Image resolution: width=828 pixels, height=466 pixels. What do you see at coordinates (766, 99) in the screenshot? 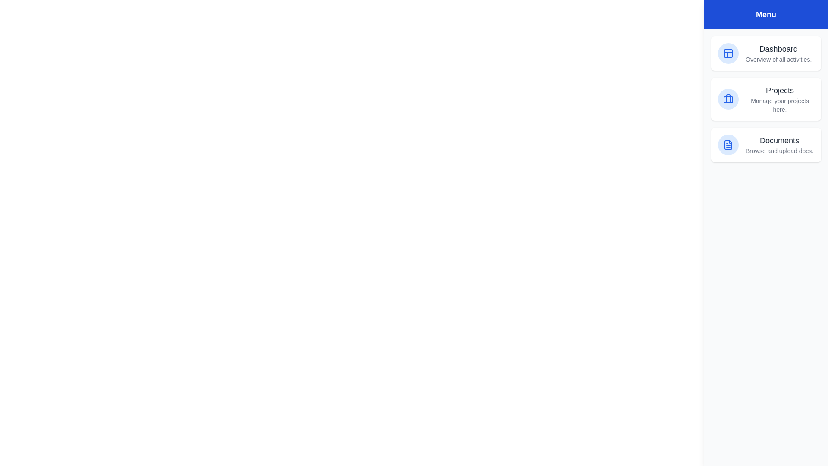
I see `the menu item Projects from the list` at bounding box center [766, 99].